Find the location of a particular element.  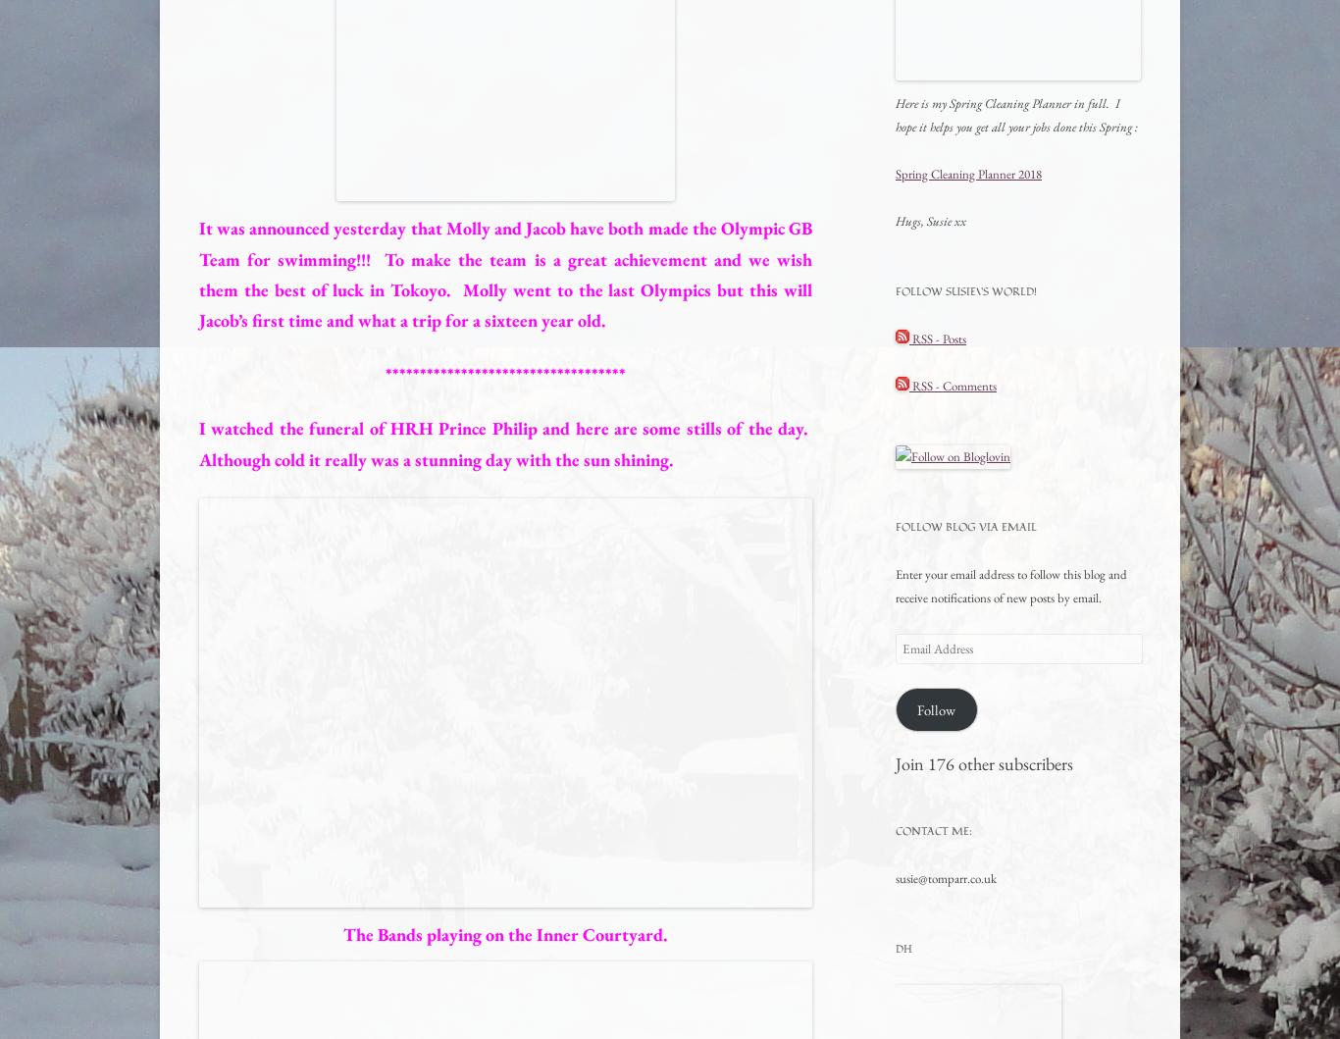

'The Bands playing on the Inner Courtyard.' is located at coordinates (504, 933).